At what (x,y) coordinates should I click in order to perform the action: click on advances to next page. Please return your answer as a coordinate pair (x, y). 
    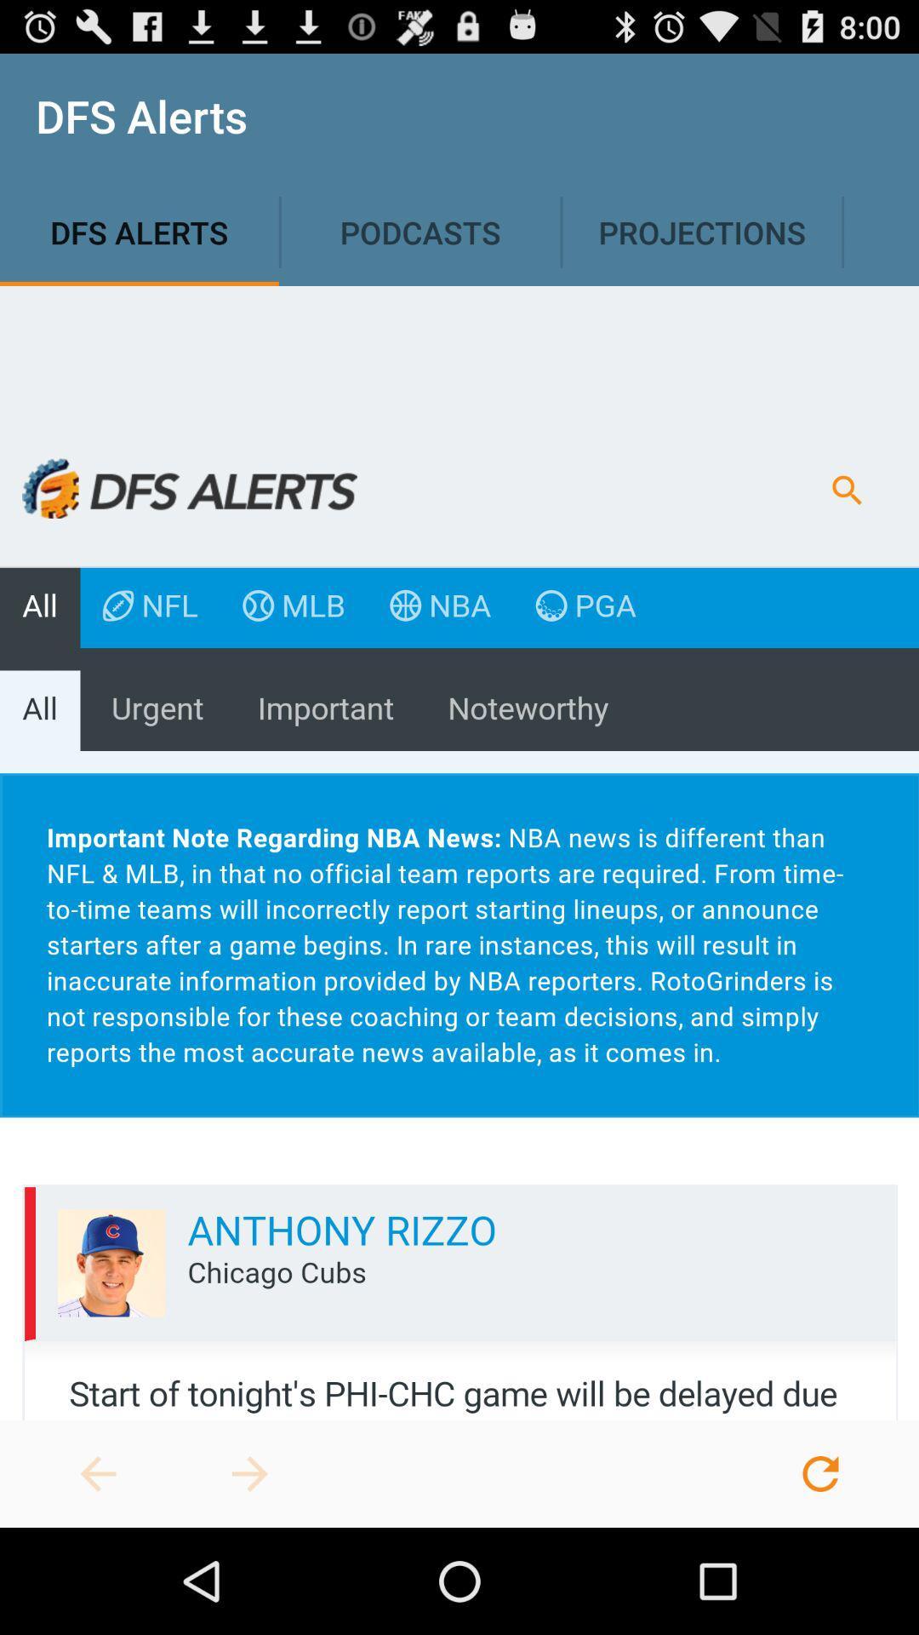
    Looking at the image, I should click on (249, 1473).